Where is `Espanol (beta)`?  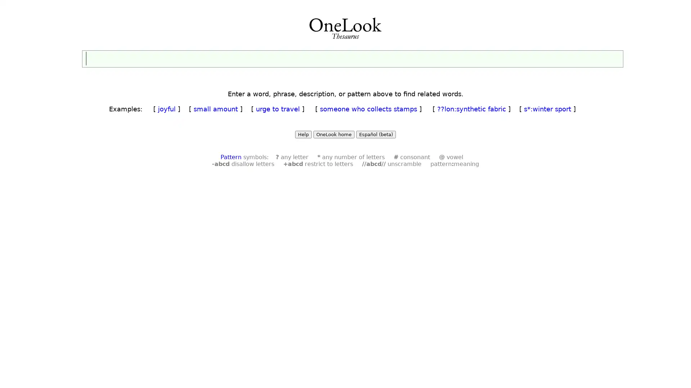
Espanol (beta) is located at coordinates (376, 134).